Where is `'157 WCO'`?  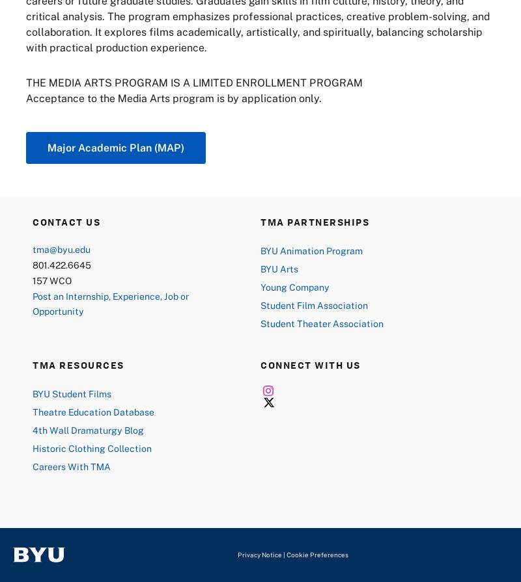
'157 WCO' is located at coordinates (32, 280).